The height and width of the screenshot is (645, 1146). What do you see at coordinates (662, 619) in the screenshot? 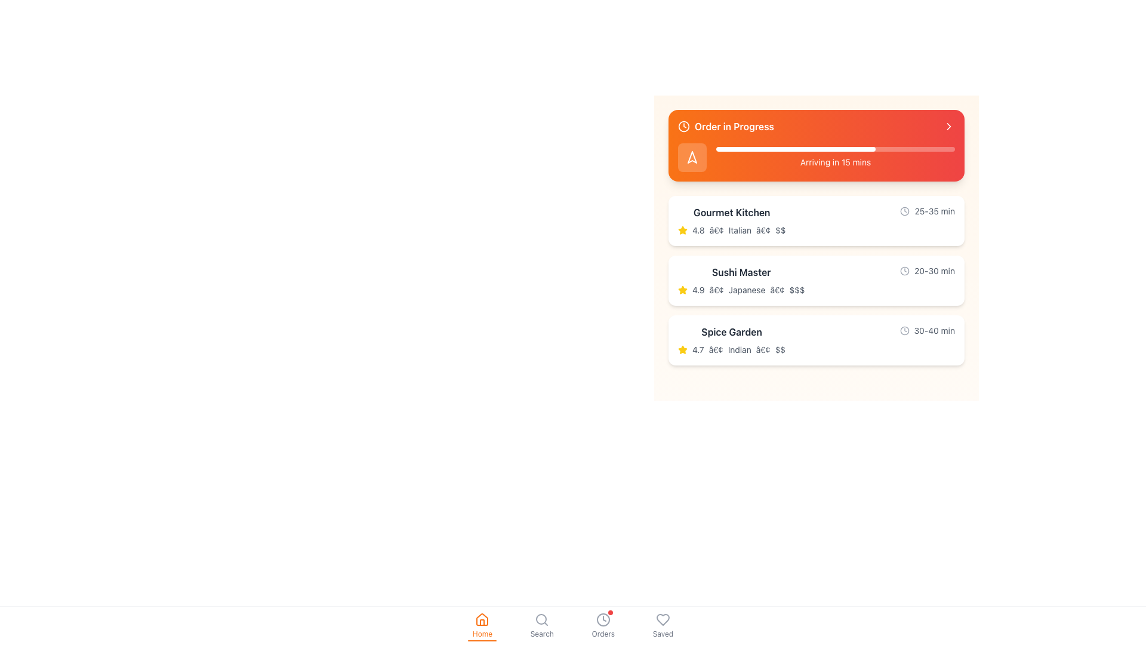
I see `the heart icon in the bottom navigation bar` at bounding box center [662, 619].